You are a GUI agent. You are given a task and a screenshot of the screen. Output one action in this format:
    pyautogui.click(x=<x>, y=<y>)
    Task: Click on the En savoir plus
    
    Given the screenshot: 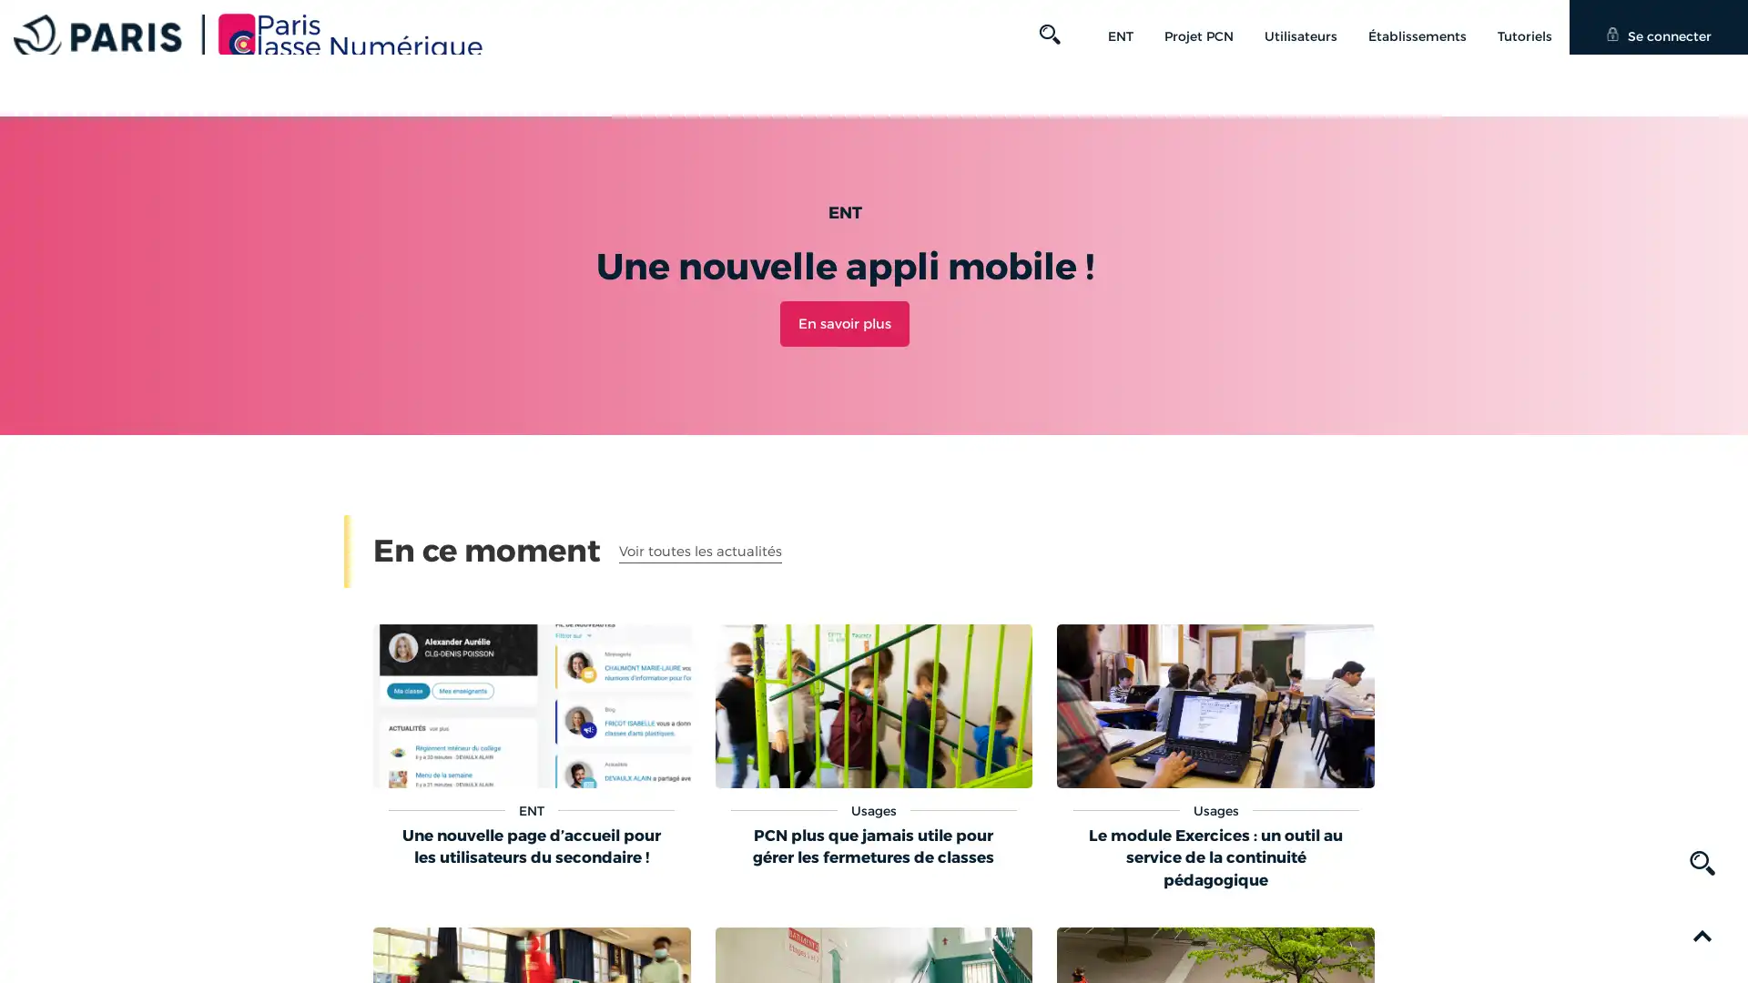 What is the action you would take?
    pyautogui.click(x=843, y=321)
    